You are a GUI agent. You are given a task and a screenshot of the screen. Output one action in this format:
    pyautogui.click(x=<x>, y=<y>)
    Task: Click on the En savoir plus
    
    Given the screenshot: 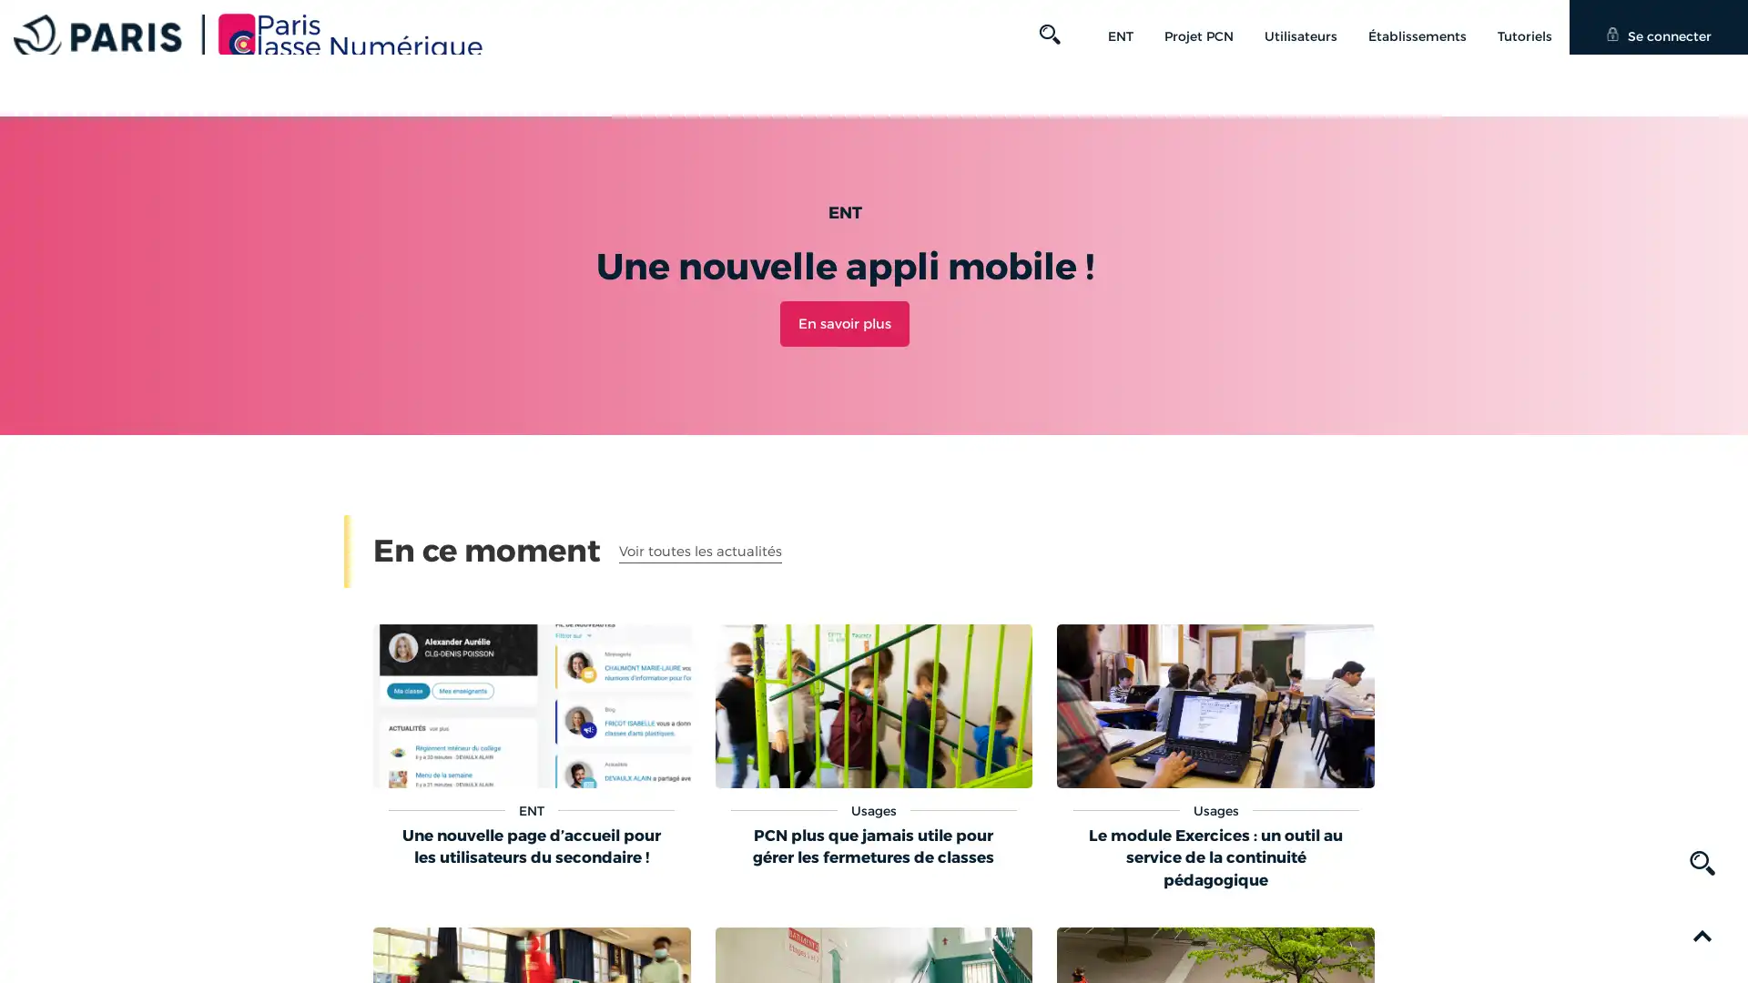 What is the action you would take?
    pyautogui.click(x=843, y=321)
    